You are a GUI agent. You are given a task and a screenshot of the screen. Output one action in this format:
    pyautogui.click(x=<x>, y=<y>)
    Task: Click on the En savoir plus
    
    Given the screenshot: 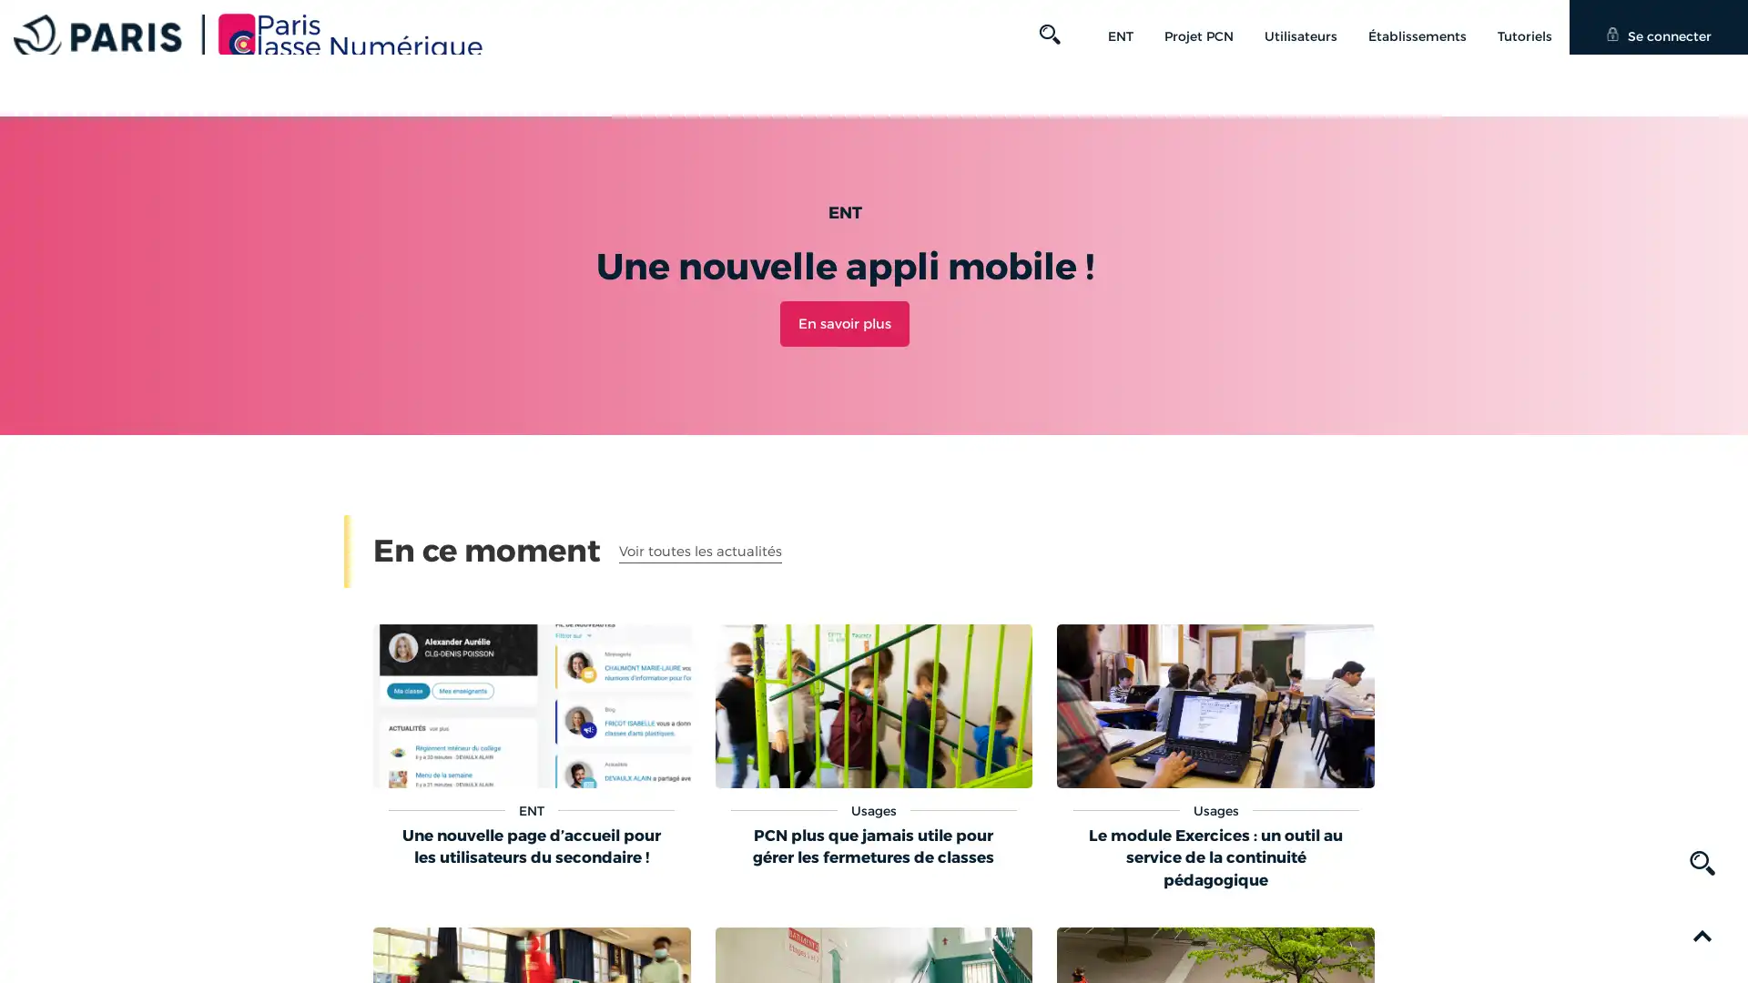 What is the action you would take?
    pyautogui.click(x=843, y=321)
    